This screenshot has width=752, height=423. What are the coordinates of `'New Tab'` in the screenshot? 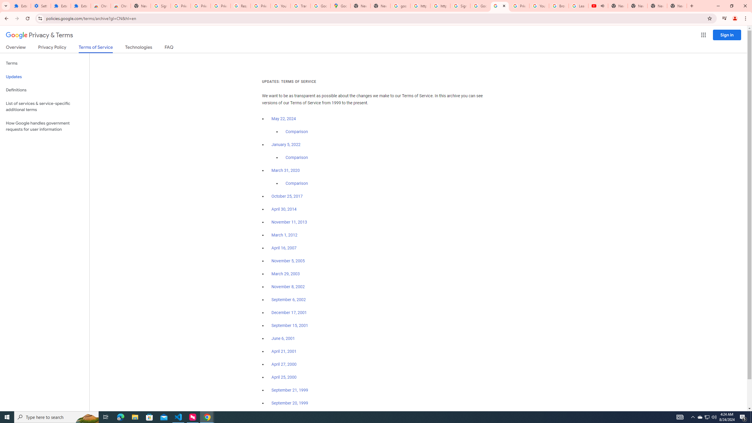 It's located at (677, 6).